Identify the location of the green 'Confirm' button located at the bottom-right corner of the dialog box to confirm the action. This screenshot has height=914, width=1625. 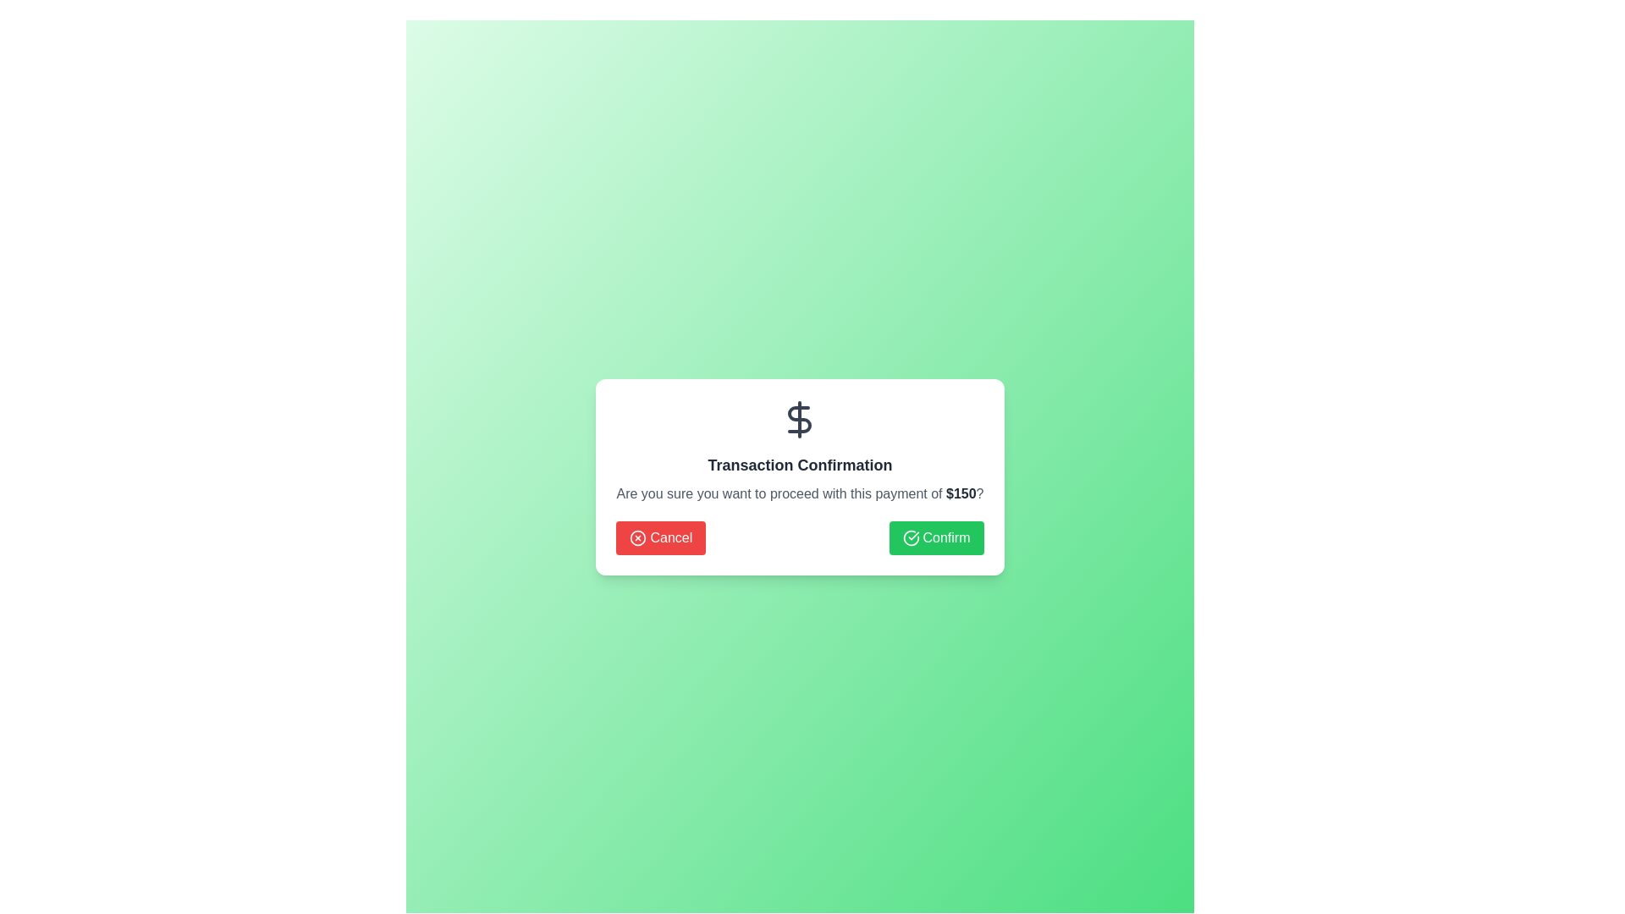
(935, 538).